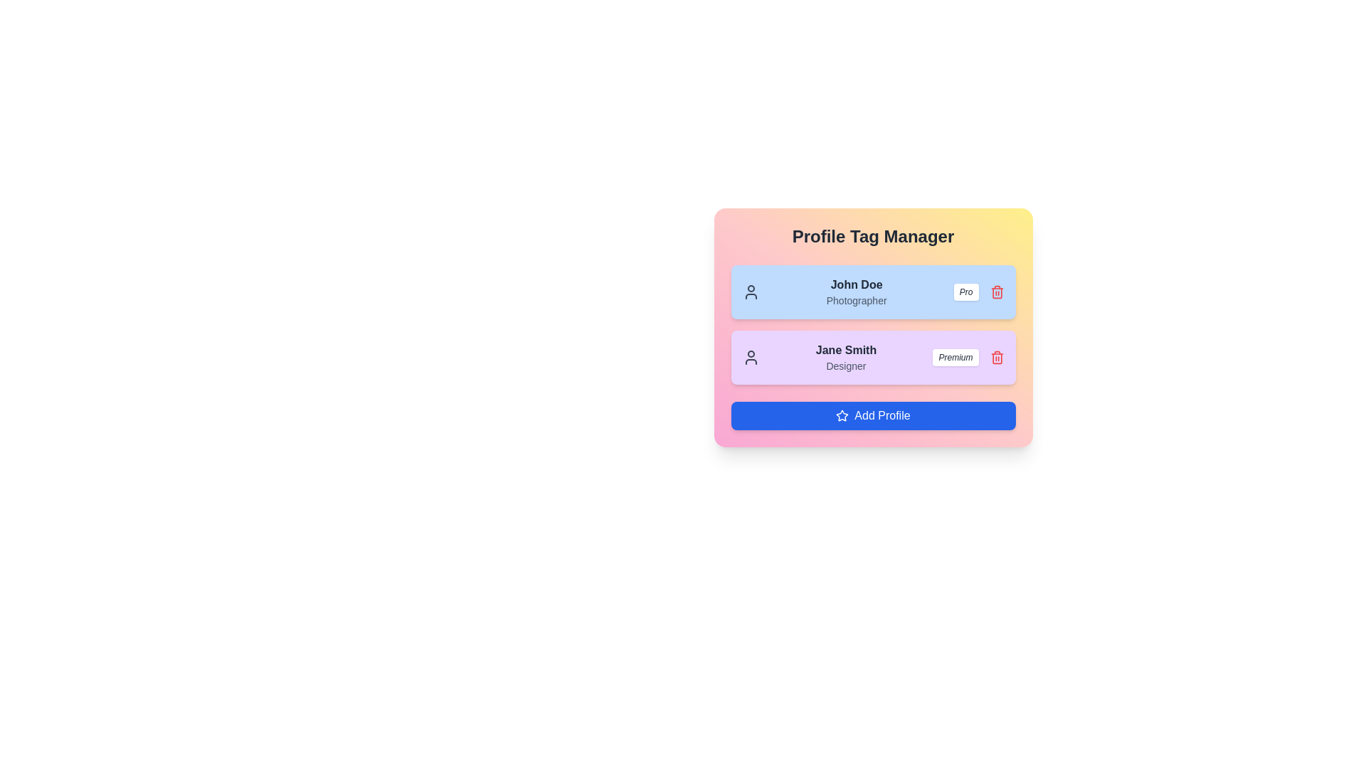  Describe the element at coordinates (872, 416) in the screenshot. I see `'Add Profile' button to add a new profile` at that location.